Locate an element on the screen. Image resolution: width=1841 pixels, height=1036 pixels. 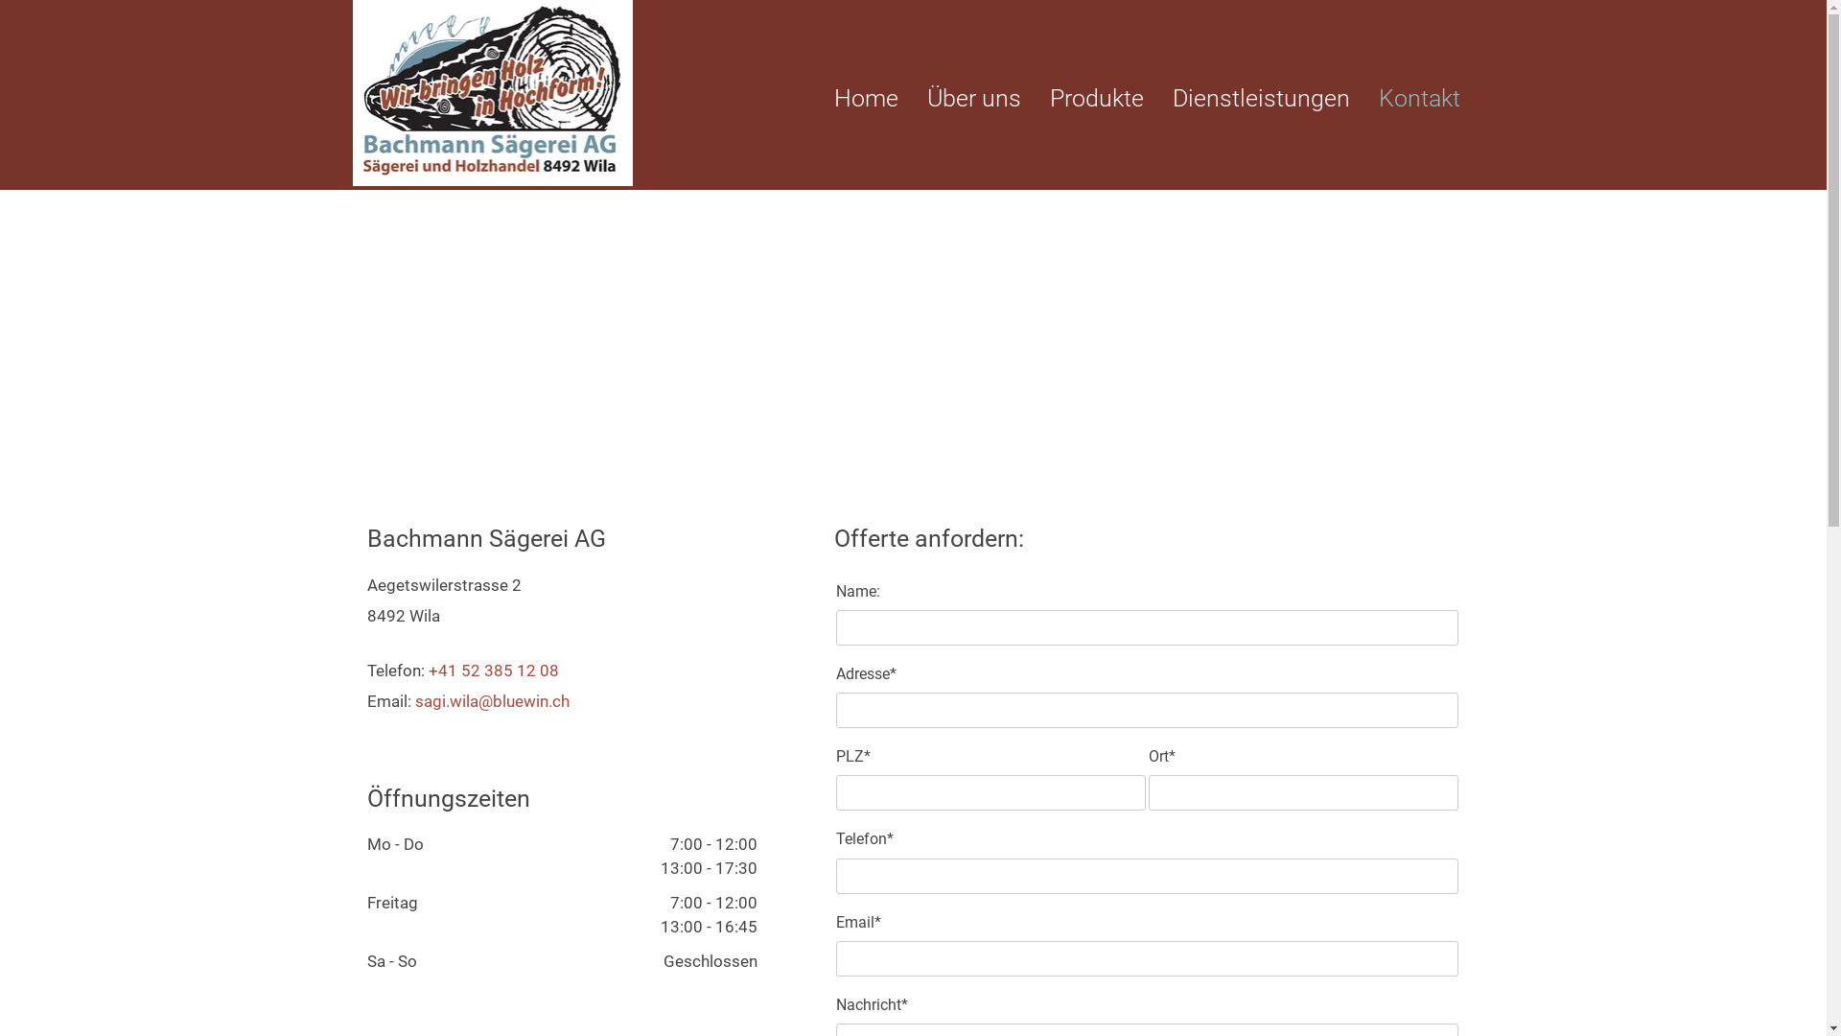
'sagi.wila@bluewin.ch' is located at coordinates (491, 701).